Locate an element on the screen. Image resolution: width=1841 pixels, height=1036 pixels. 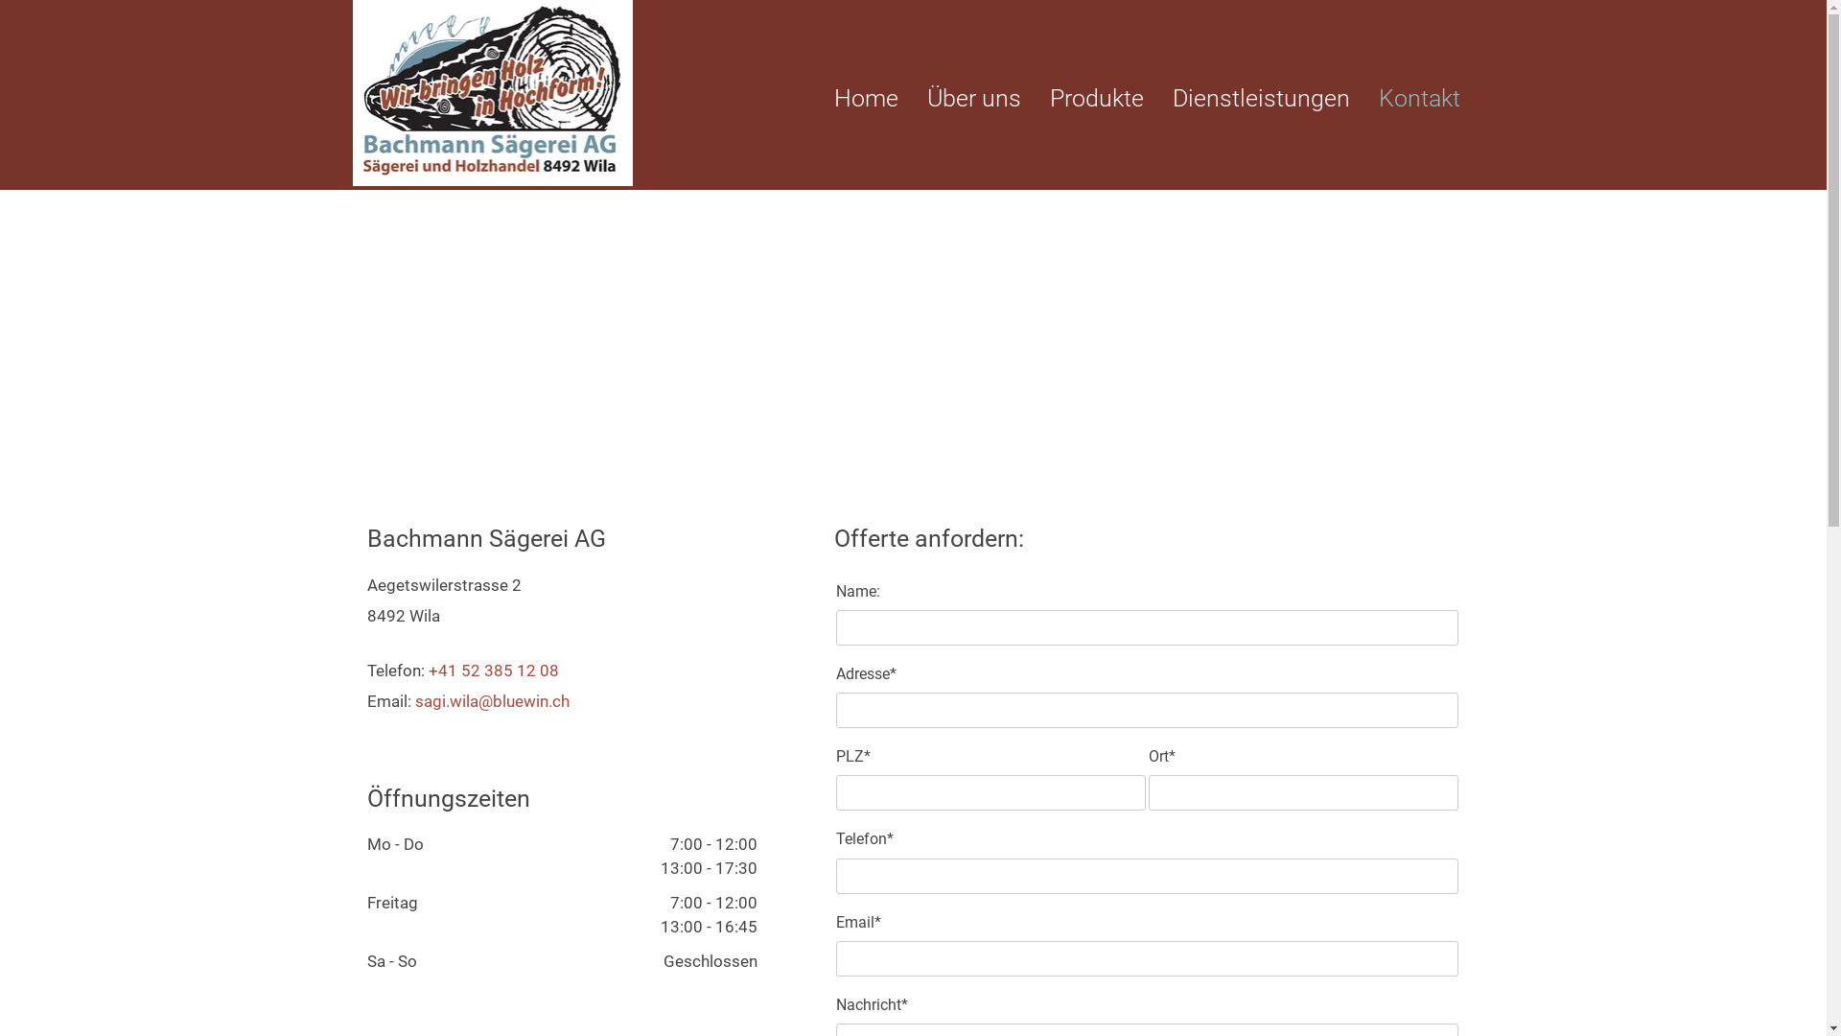
'sagi.wila@bluewin.ch' is located at coordinates (491, 701).